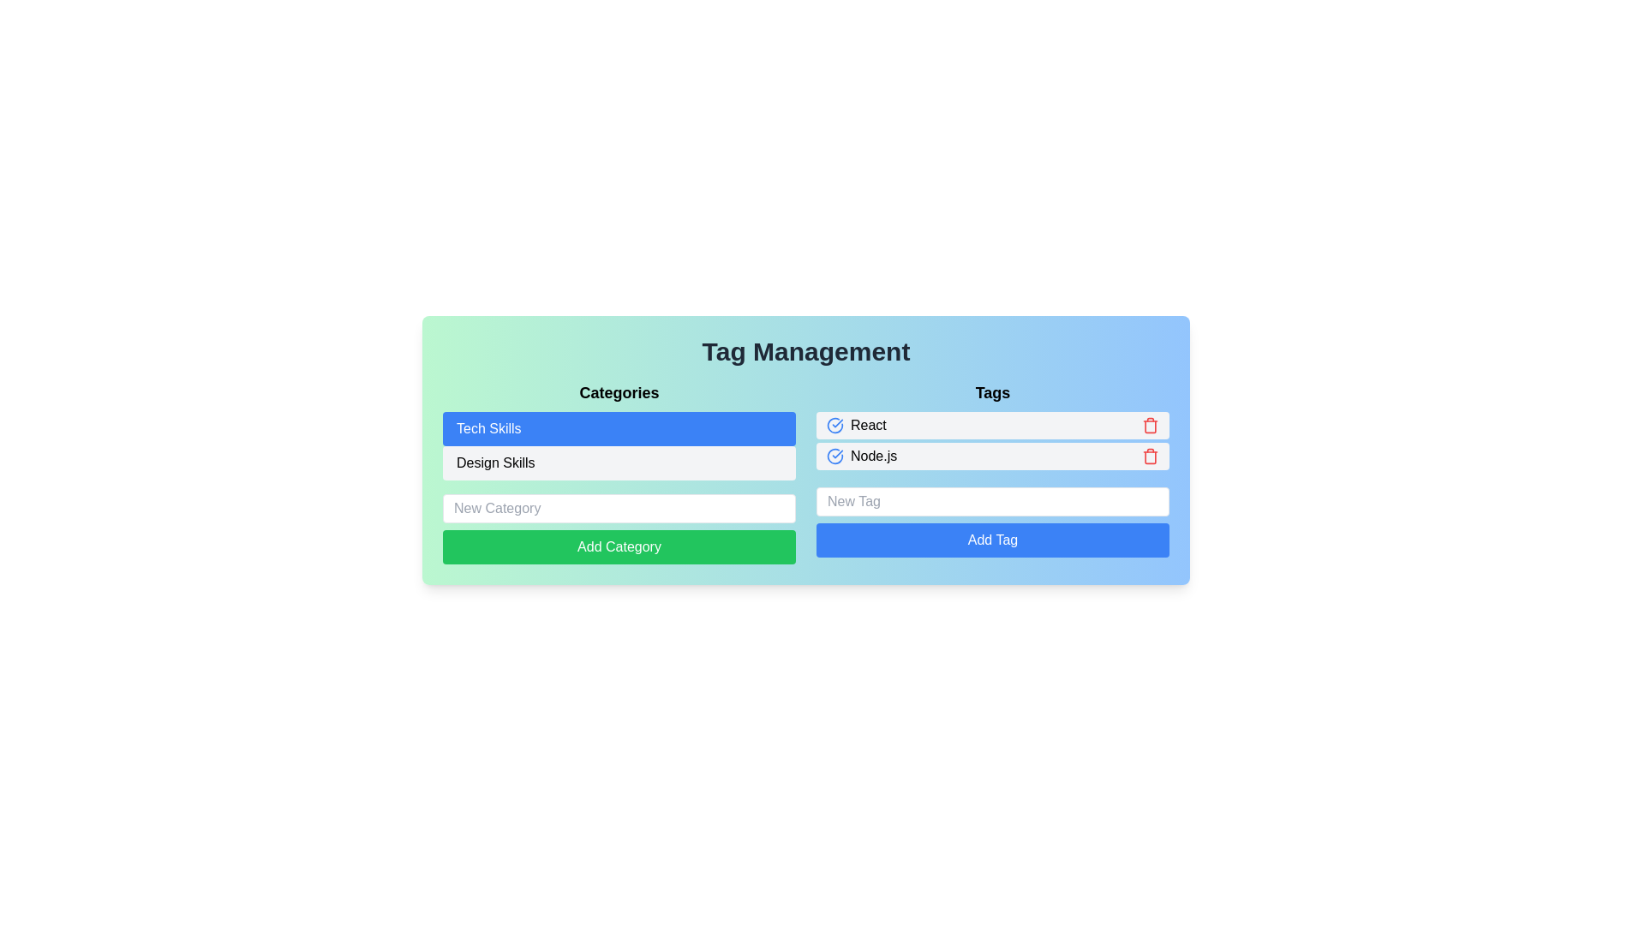 Image resolution: width=1645 pixels, height=925 pixels. Describe the element at coordinates (619, 428) in the screenshot. I see `the blue button labeled 'Tech Skills'` at that location.